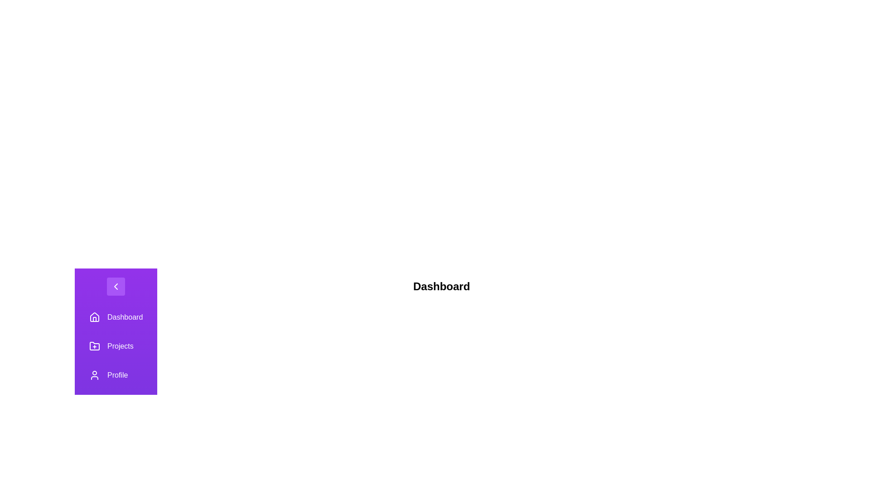 This screenshot has height=489, width=870. I want to click on the 'Projects' navigation menu item located below 'Dashboard' and above 'Profile' to bring it into interaction context, so click(116, 346).